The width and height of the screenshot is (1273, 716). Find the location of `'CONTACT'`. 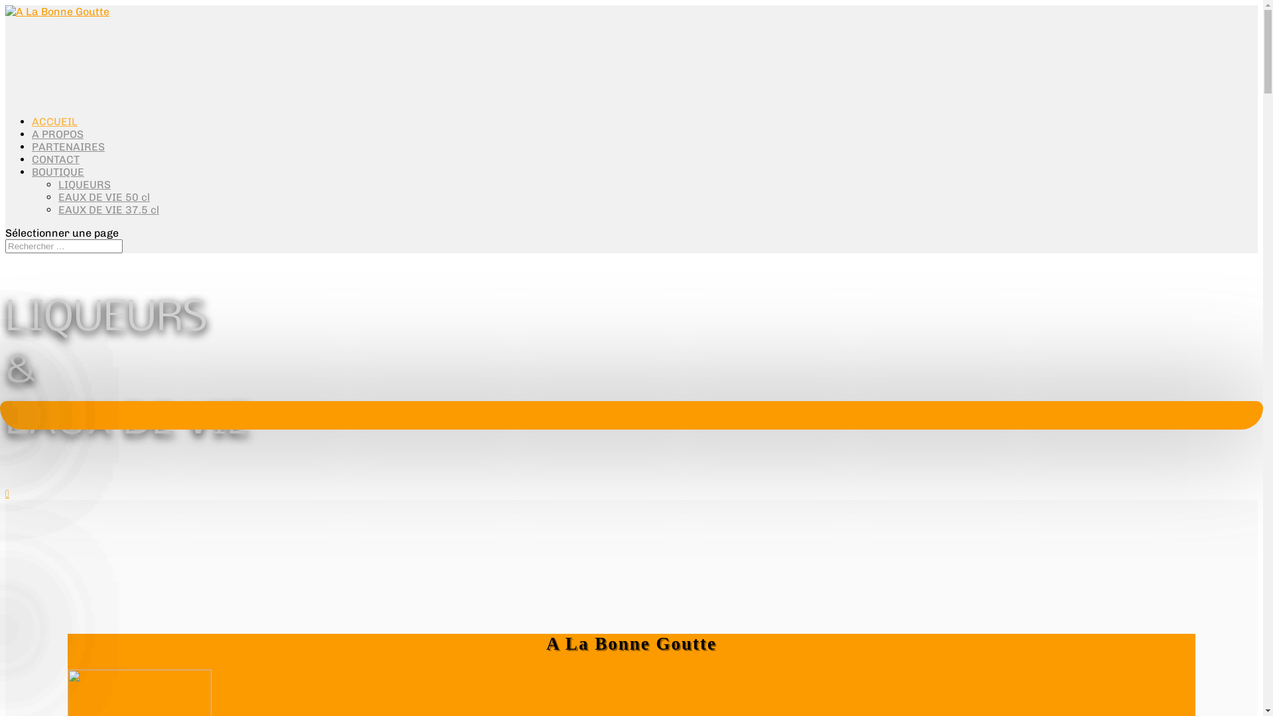

'CONTACT' is located at coordinates (54, 158).